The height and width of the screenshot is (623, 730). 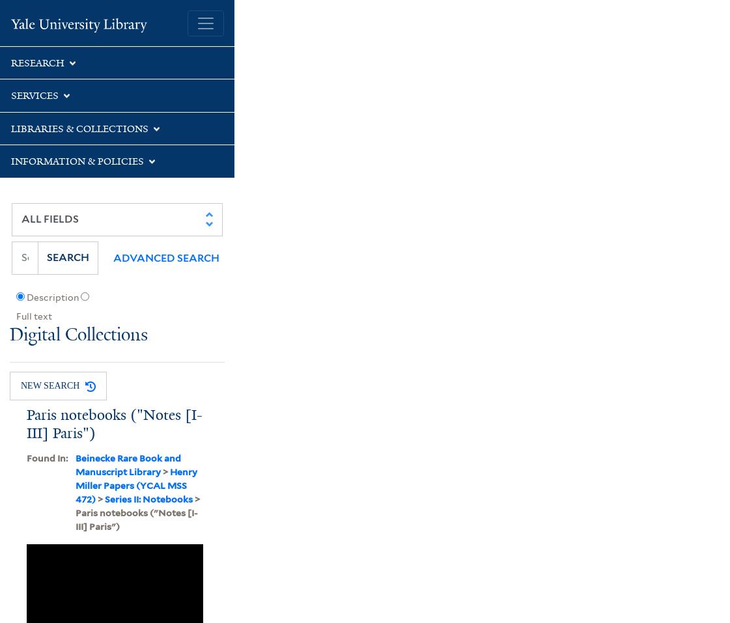 I want to click on 'Libraries & Collections', so click(x=10, y=128).